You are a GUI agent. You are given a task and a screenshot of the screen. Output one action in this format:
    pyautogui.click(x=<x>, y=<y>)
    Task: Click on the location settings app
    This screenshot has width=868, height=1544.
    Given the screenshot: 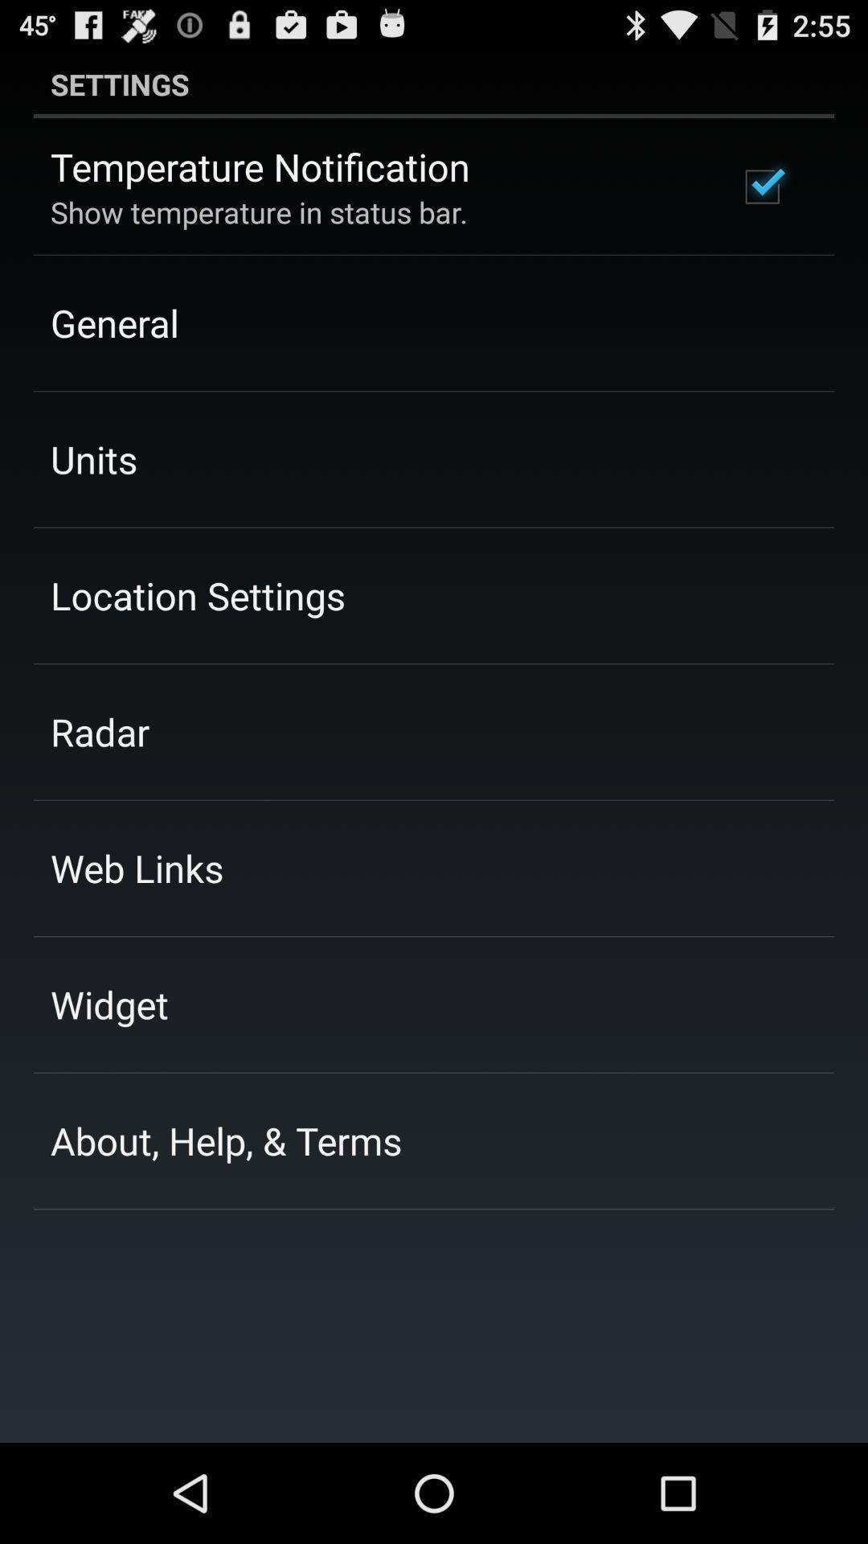 What is the action you would take?
    pyautogui.click(x=197, y=594)
    